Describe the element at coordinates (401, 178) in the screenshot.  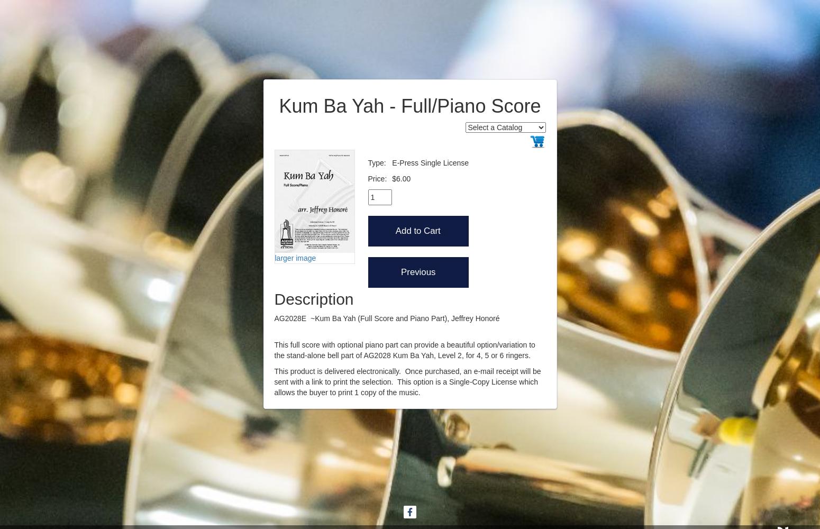
I see `'$6.00'` at that location.